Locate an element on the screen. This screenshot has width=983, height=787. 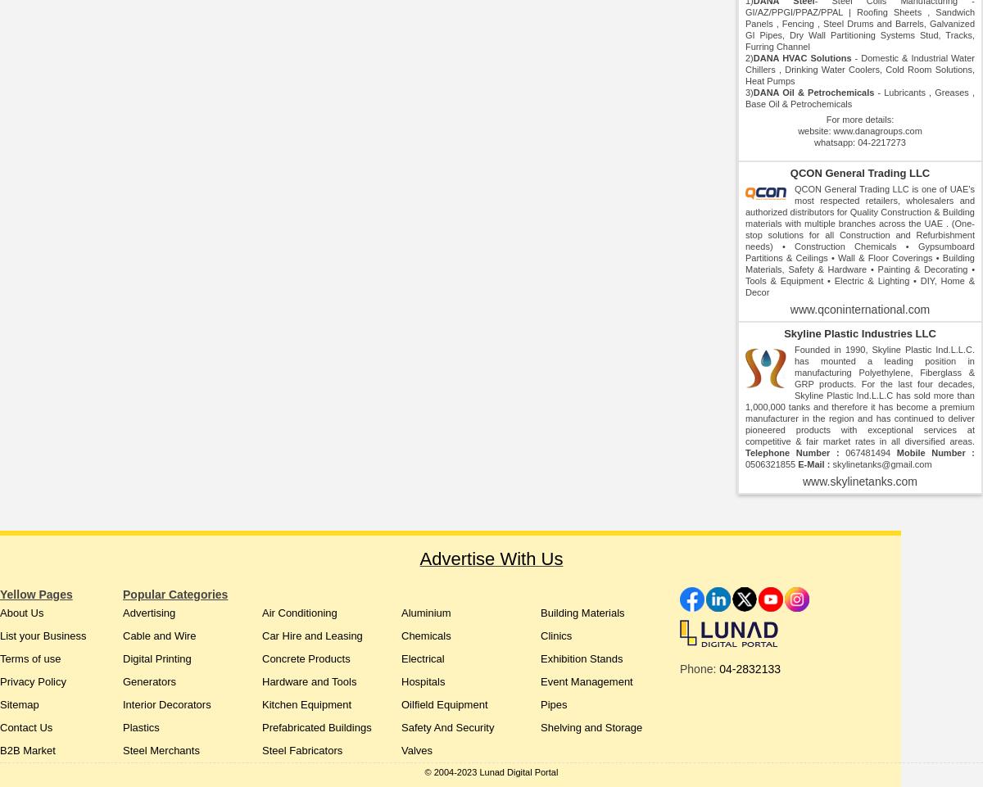
'E-Mail :' is located at coordinates (798, 463).